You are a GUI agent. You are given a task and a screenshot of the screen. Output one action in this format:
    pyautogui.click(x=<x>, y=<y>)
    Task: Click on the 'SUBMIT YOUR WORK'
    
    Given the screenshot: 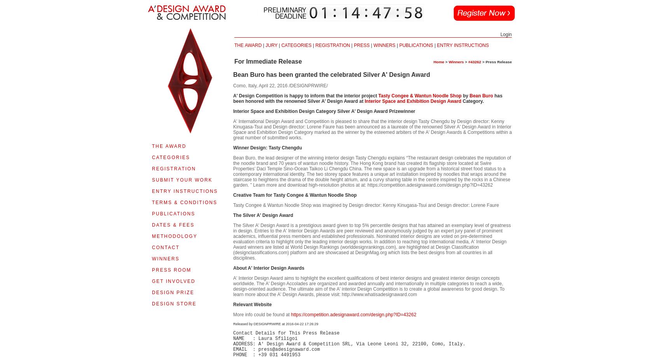 What is the action you would take?
    pyautogui.click(x=181, y=180)
    